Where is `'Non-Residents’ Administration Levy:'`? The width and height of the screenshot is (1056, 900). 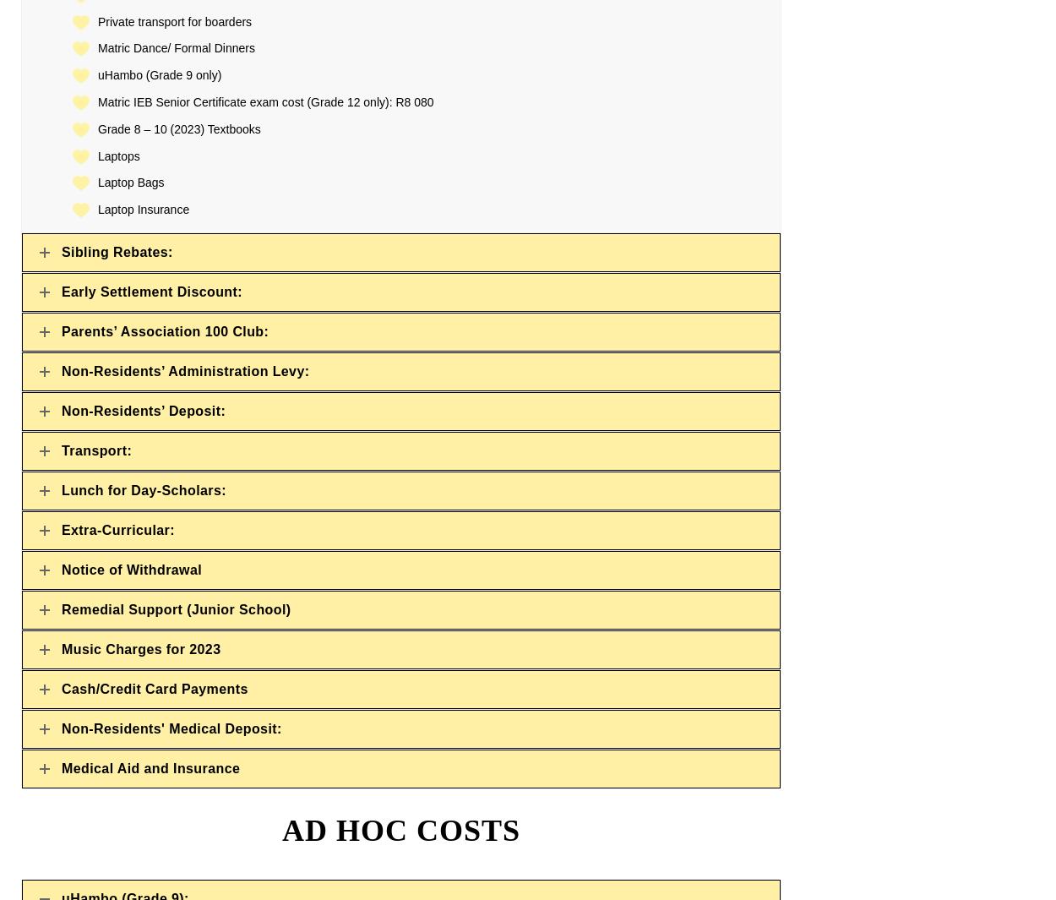
'Non-Residents’ Administration Levy:' is located at coordinates (184, 369).